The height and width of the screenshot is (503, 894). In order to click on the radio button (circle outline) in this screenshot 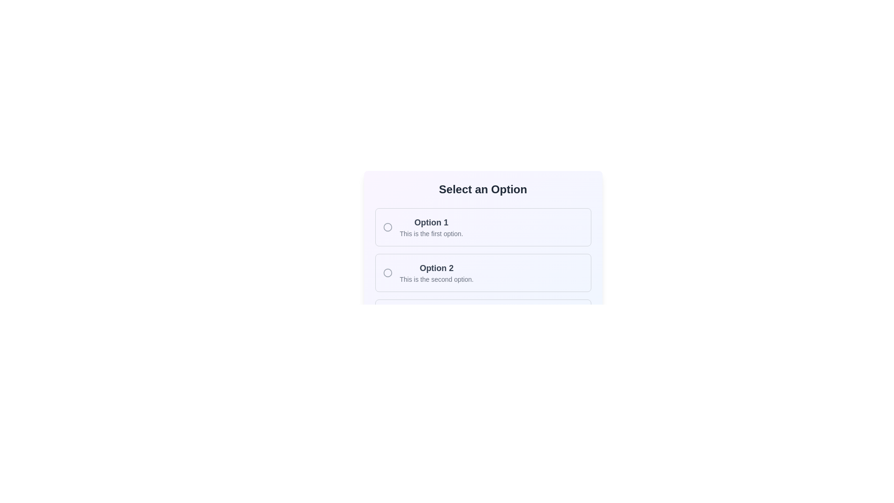, I will do `click(387, 272)`.